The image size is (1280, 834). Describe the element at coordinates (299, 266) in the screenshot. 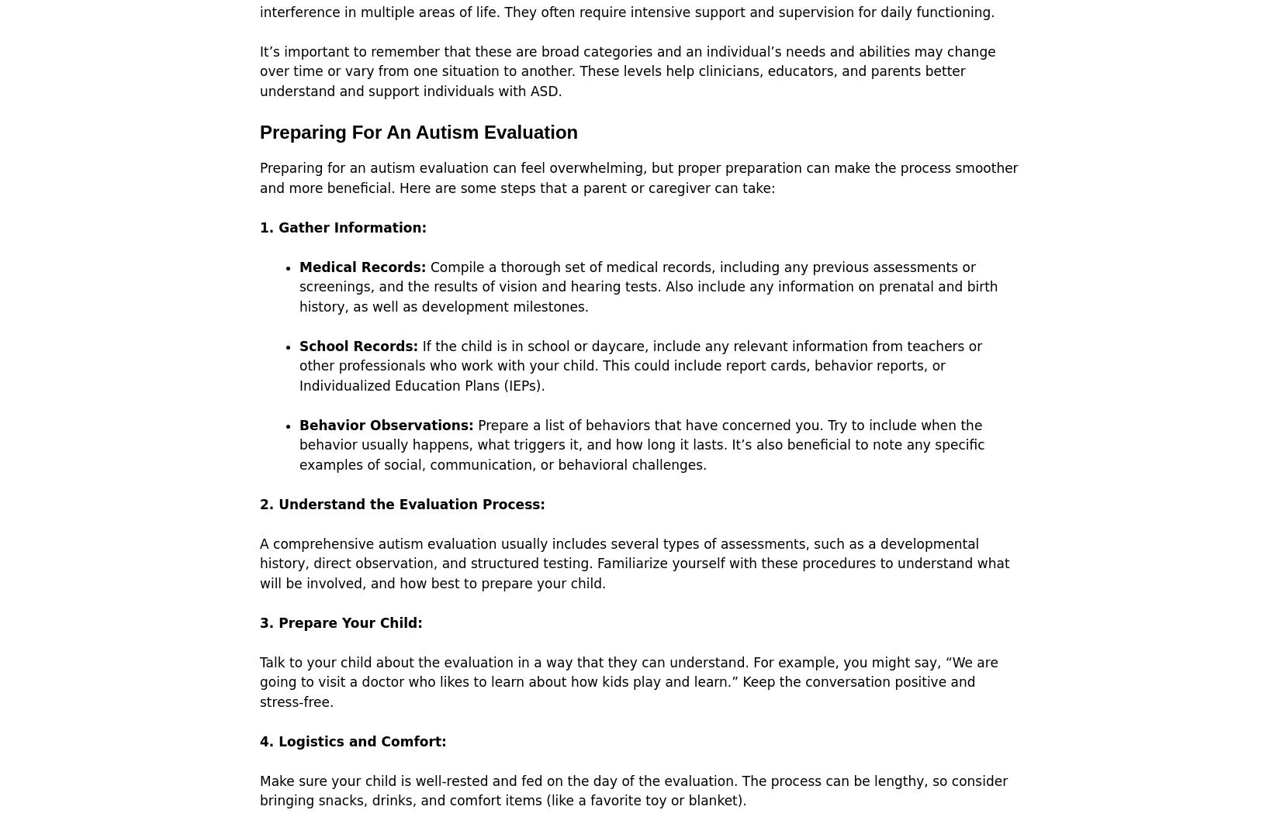

I see `'Medical Records:'` at that location.